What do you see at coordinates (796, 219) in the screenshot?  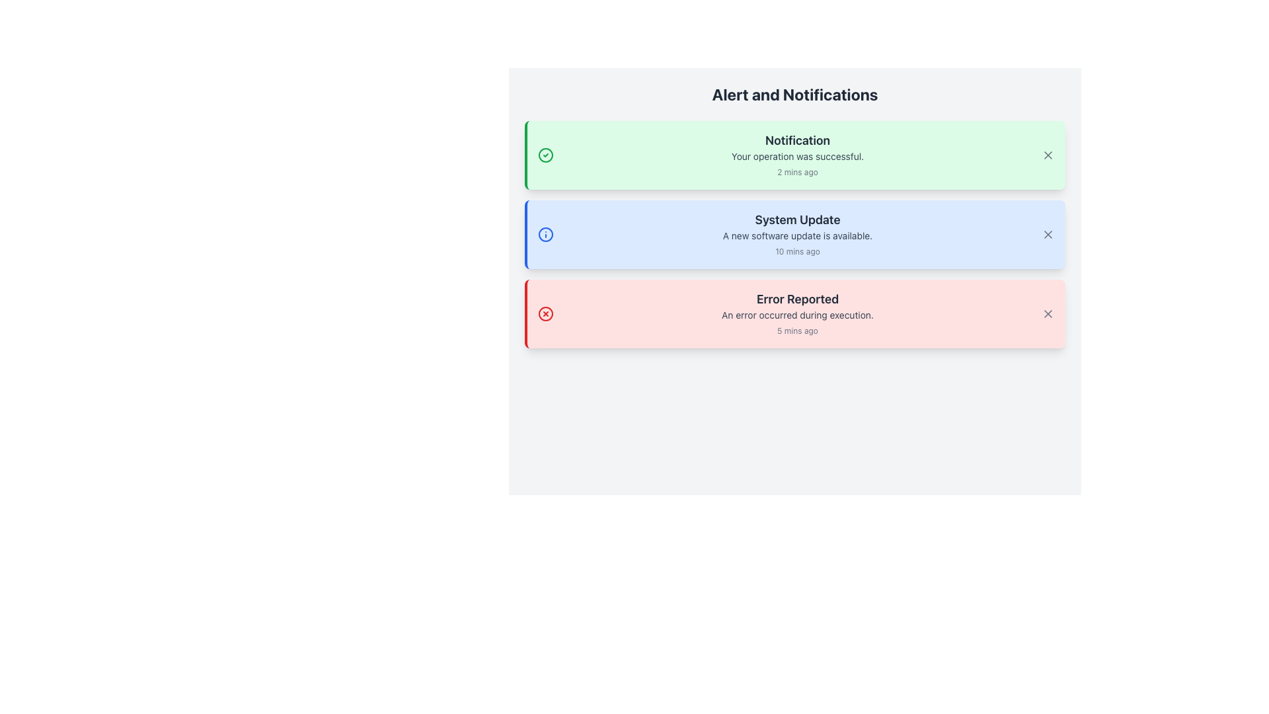 I see `the 'System Update' label which is styled in bold, larger text within a light blue notification box, located at the center of the middle notification card in a vertical list of notifications` at bounding box center [796, 219].